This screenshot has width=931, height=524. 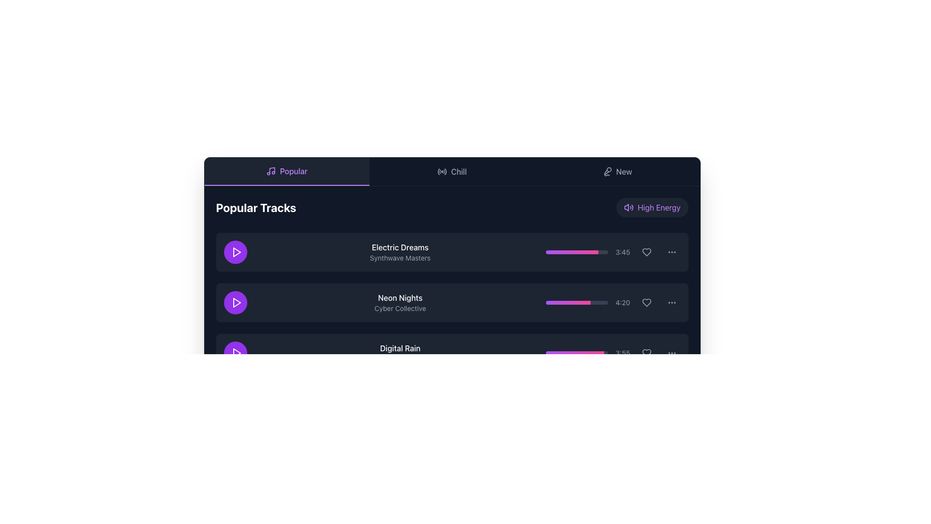 I want to click on the slider value, so click(x=596, y=353).